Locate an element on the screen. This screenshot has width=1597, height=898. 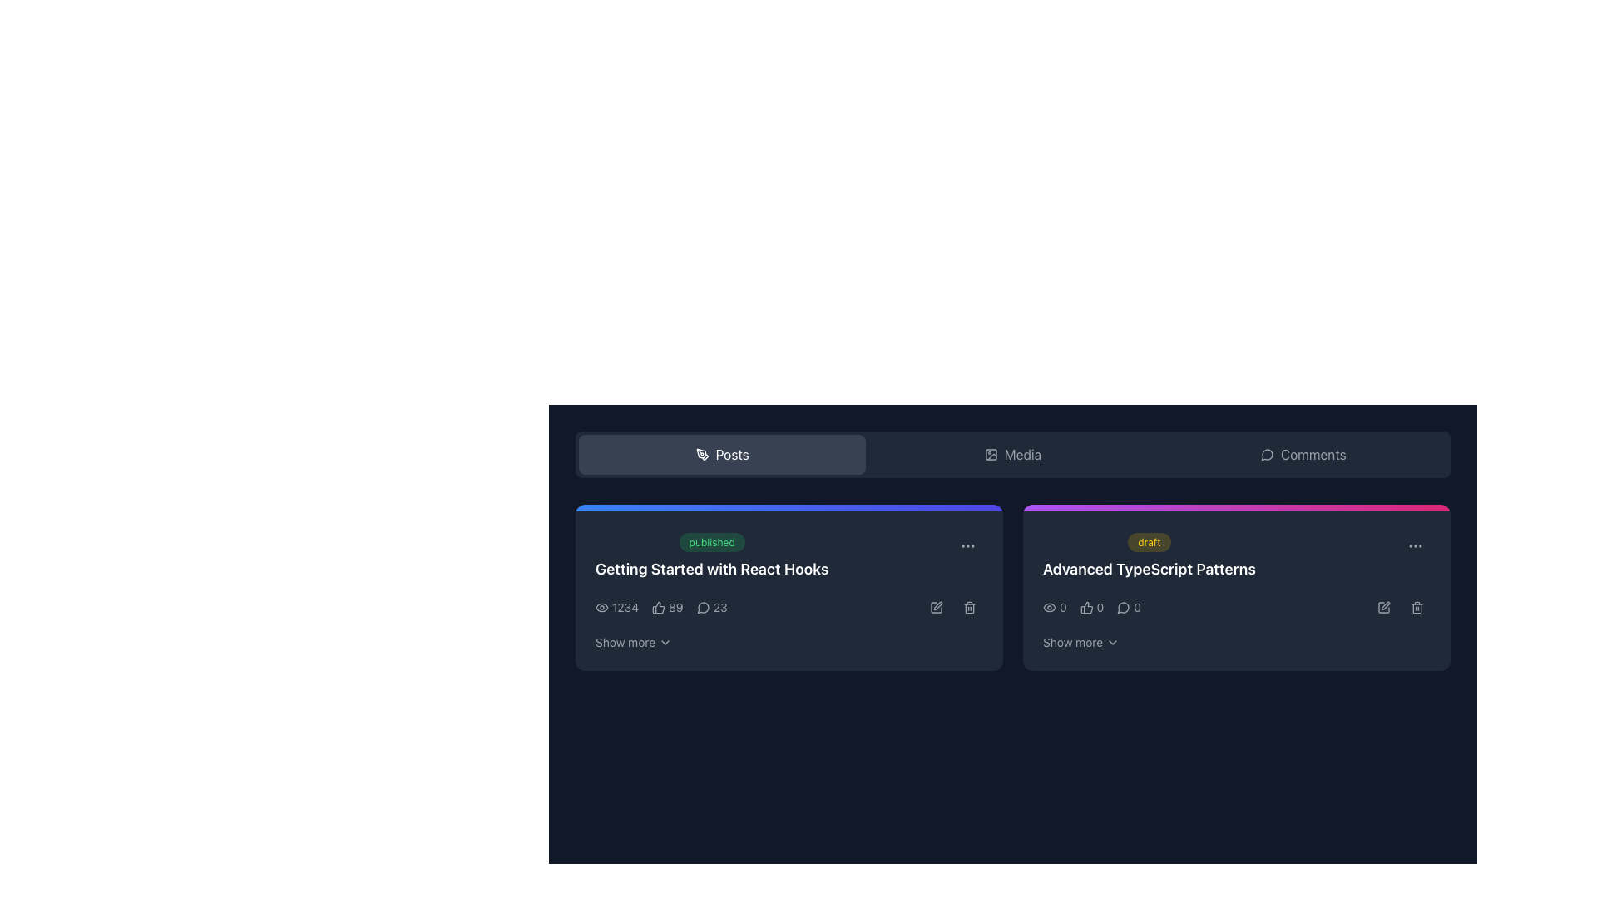
the interactive group of buttons/icons in the top right corner of the card component is located at coordinates (953, 608).